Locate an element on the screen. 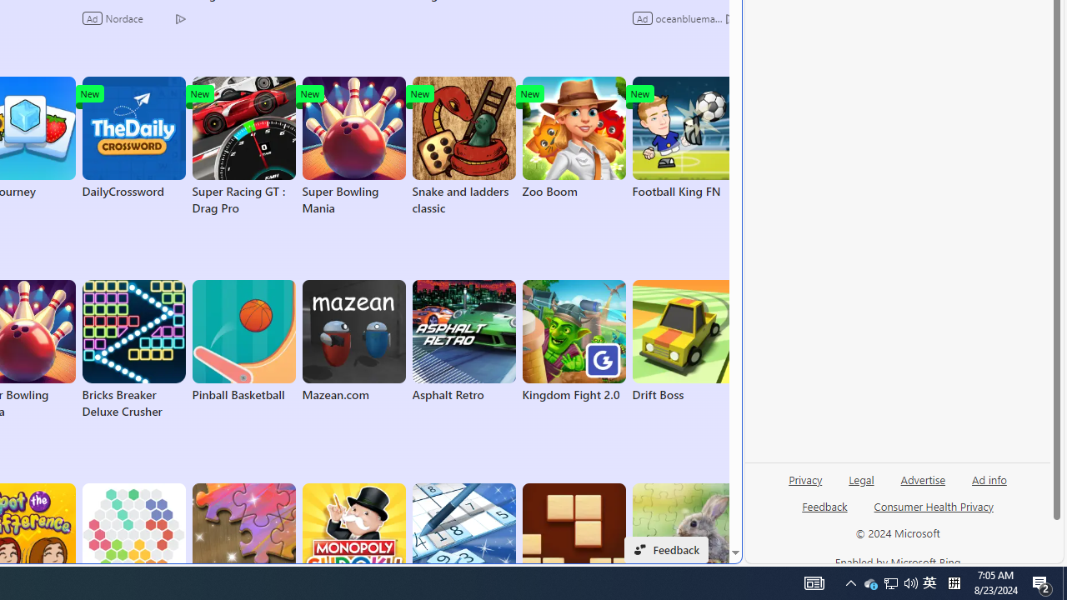  'DailyCrossword' is located at coordinates (133, 137).